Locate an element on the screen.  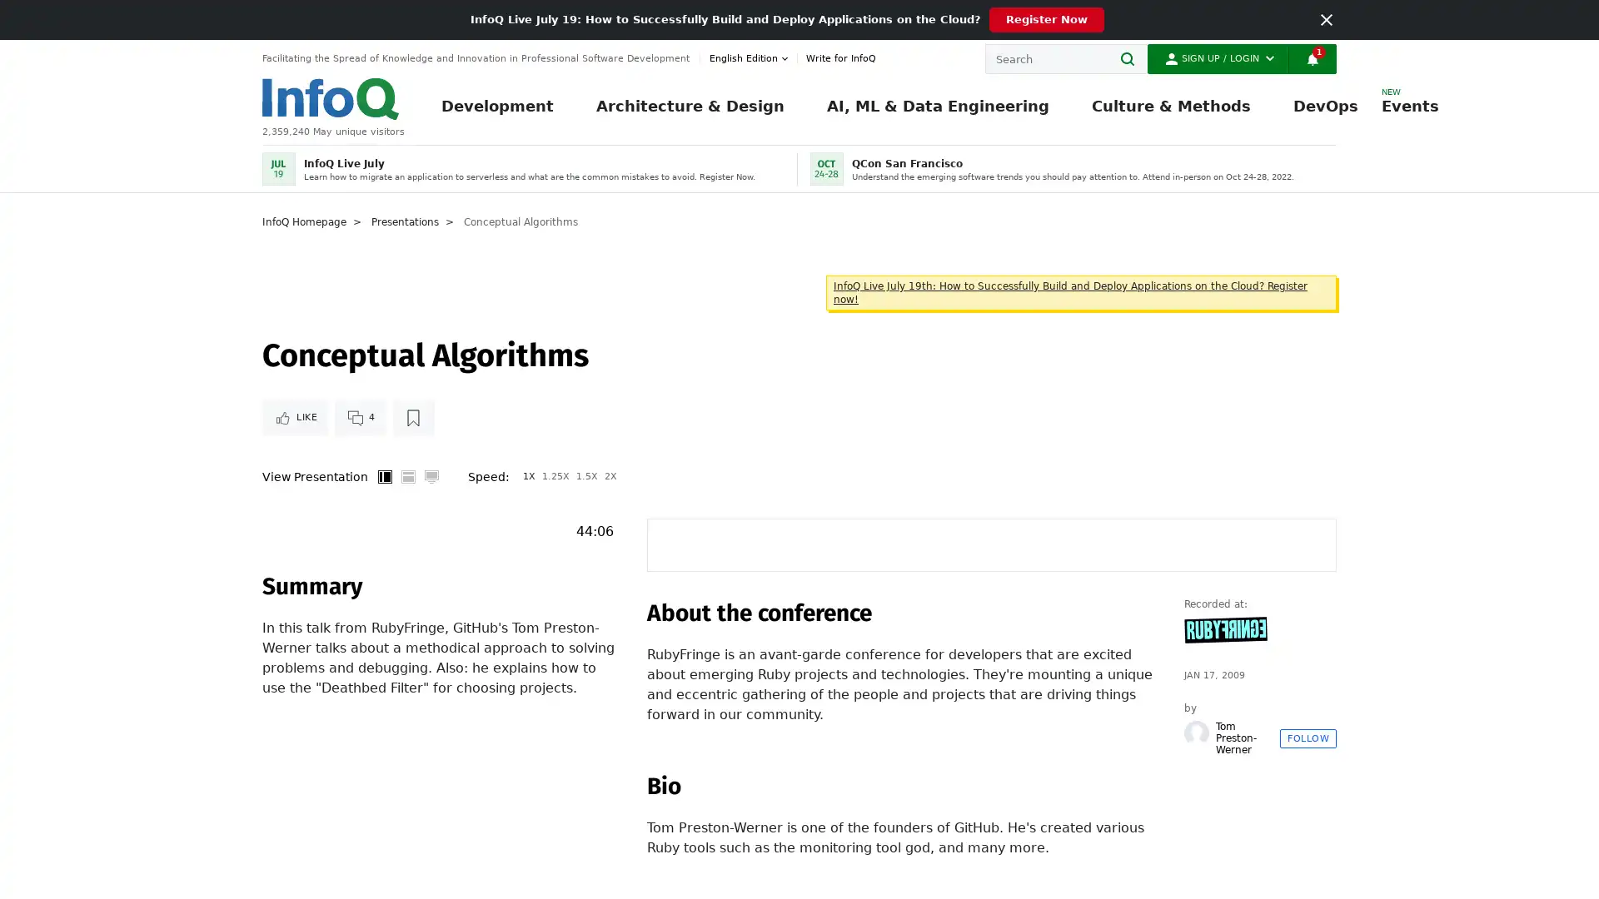
1.5x is located at coordinates (587, 477).